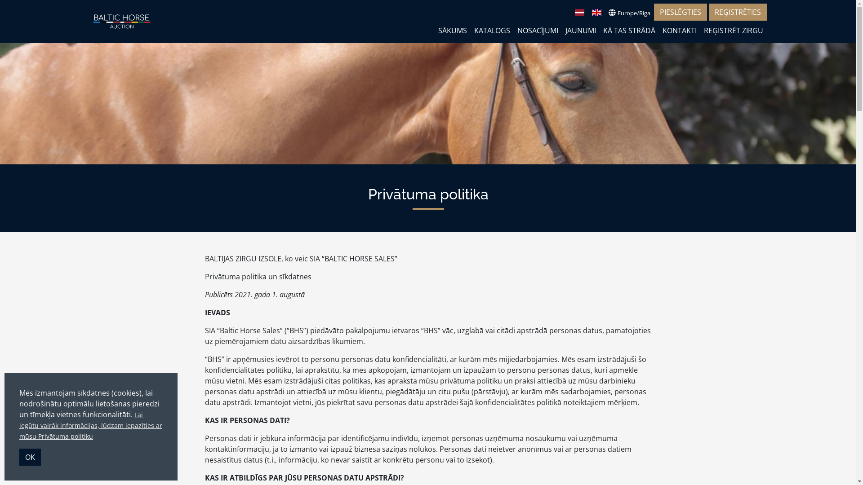  What do you see at coordinates (30, 457) in the screenshot?
I see `'OK'` at bounding box center [30, 457].